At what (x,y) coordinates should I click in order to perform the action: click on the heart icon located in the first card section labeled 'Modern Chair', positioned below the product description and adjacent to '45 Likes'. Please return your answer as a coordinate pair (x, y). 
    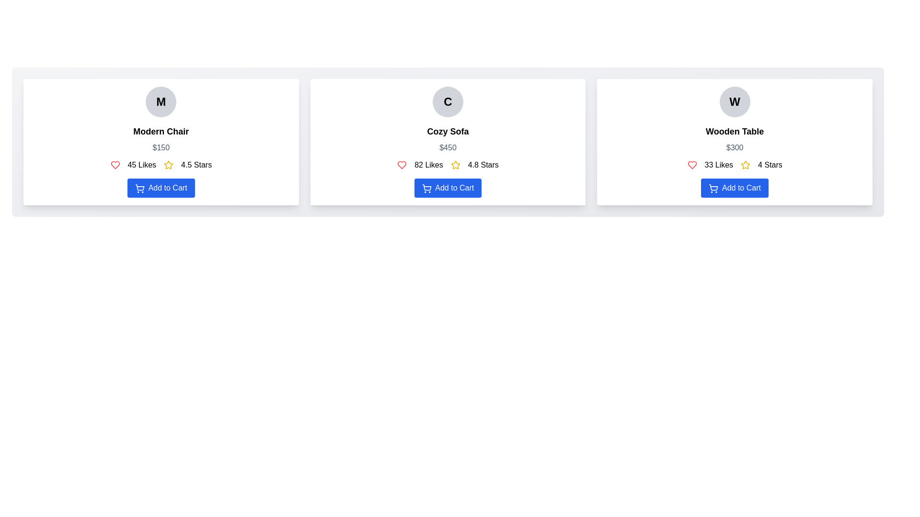
    Looking at the image, I should click on (115, 164).